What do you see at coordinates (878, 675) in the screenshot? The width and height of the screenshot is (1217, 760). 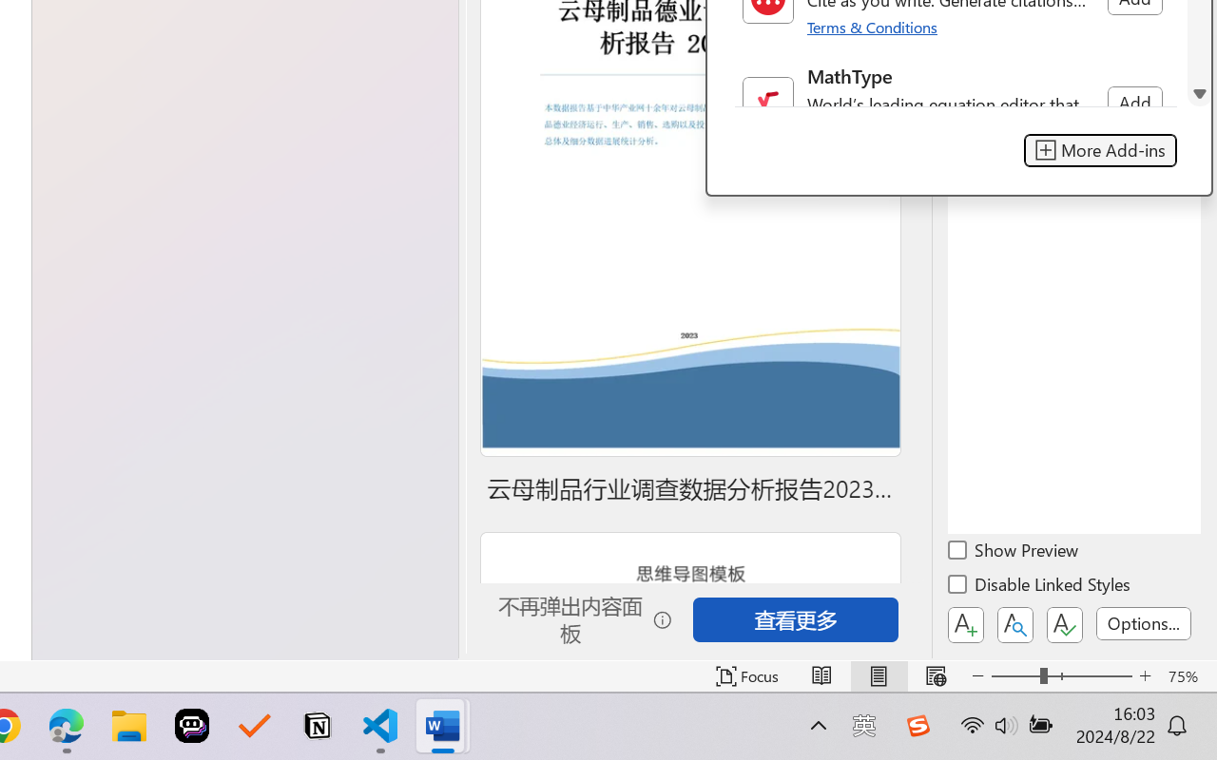 I see `'Print Layout'` at bounding box center [878, 675].